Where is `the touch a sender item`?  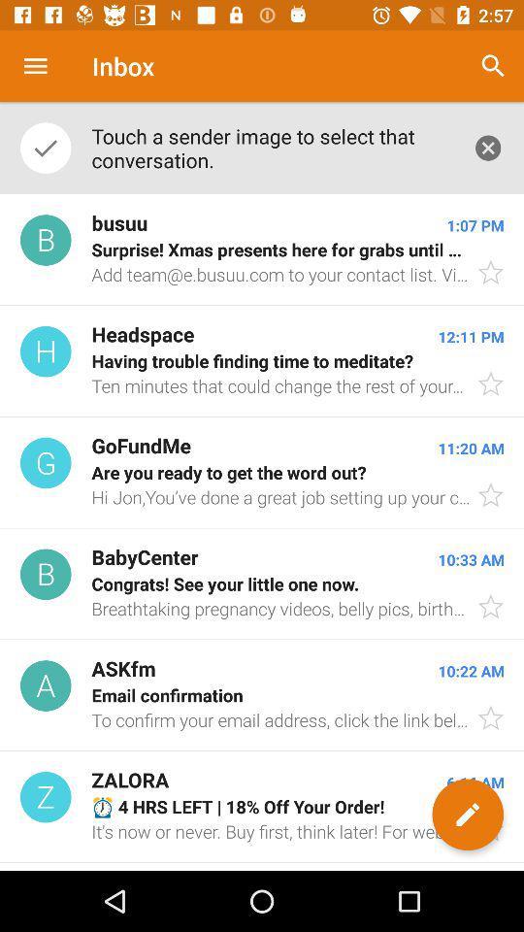 the touch a sender item is located at coordinates (271, 147).